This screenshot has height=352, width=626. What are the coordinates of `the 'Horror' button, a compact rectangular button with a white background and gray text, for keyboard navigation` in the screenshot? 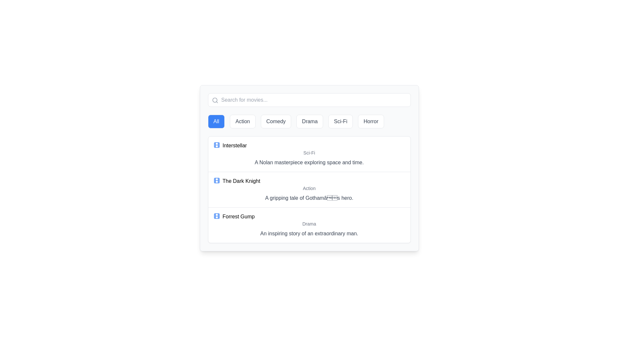 It's located at (371, 122).